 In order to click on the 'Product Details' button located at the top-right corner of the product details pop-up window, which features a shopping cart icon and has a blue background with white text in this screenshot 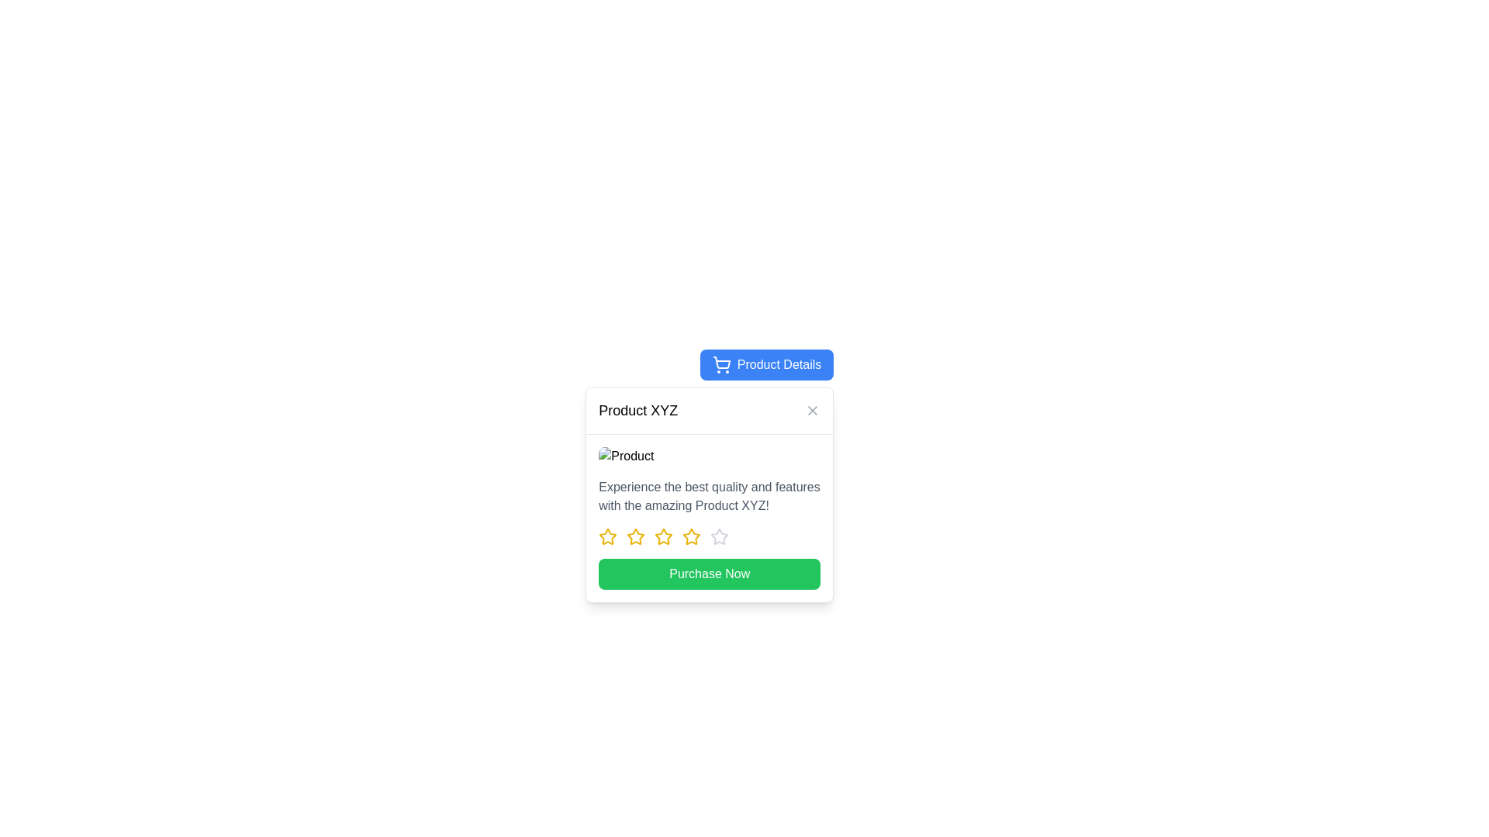, I will do `click(766, 364)`.